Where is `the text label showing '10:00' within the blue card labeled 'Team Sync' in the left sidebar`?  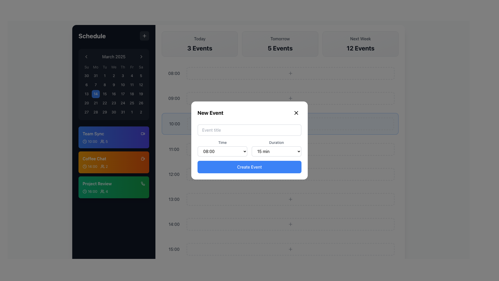 the text label showing '10:00' within the blue card labeled 'Team Sync' in the left sidebar is located at coordinates (93, 142).